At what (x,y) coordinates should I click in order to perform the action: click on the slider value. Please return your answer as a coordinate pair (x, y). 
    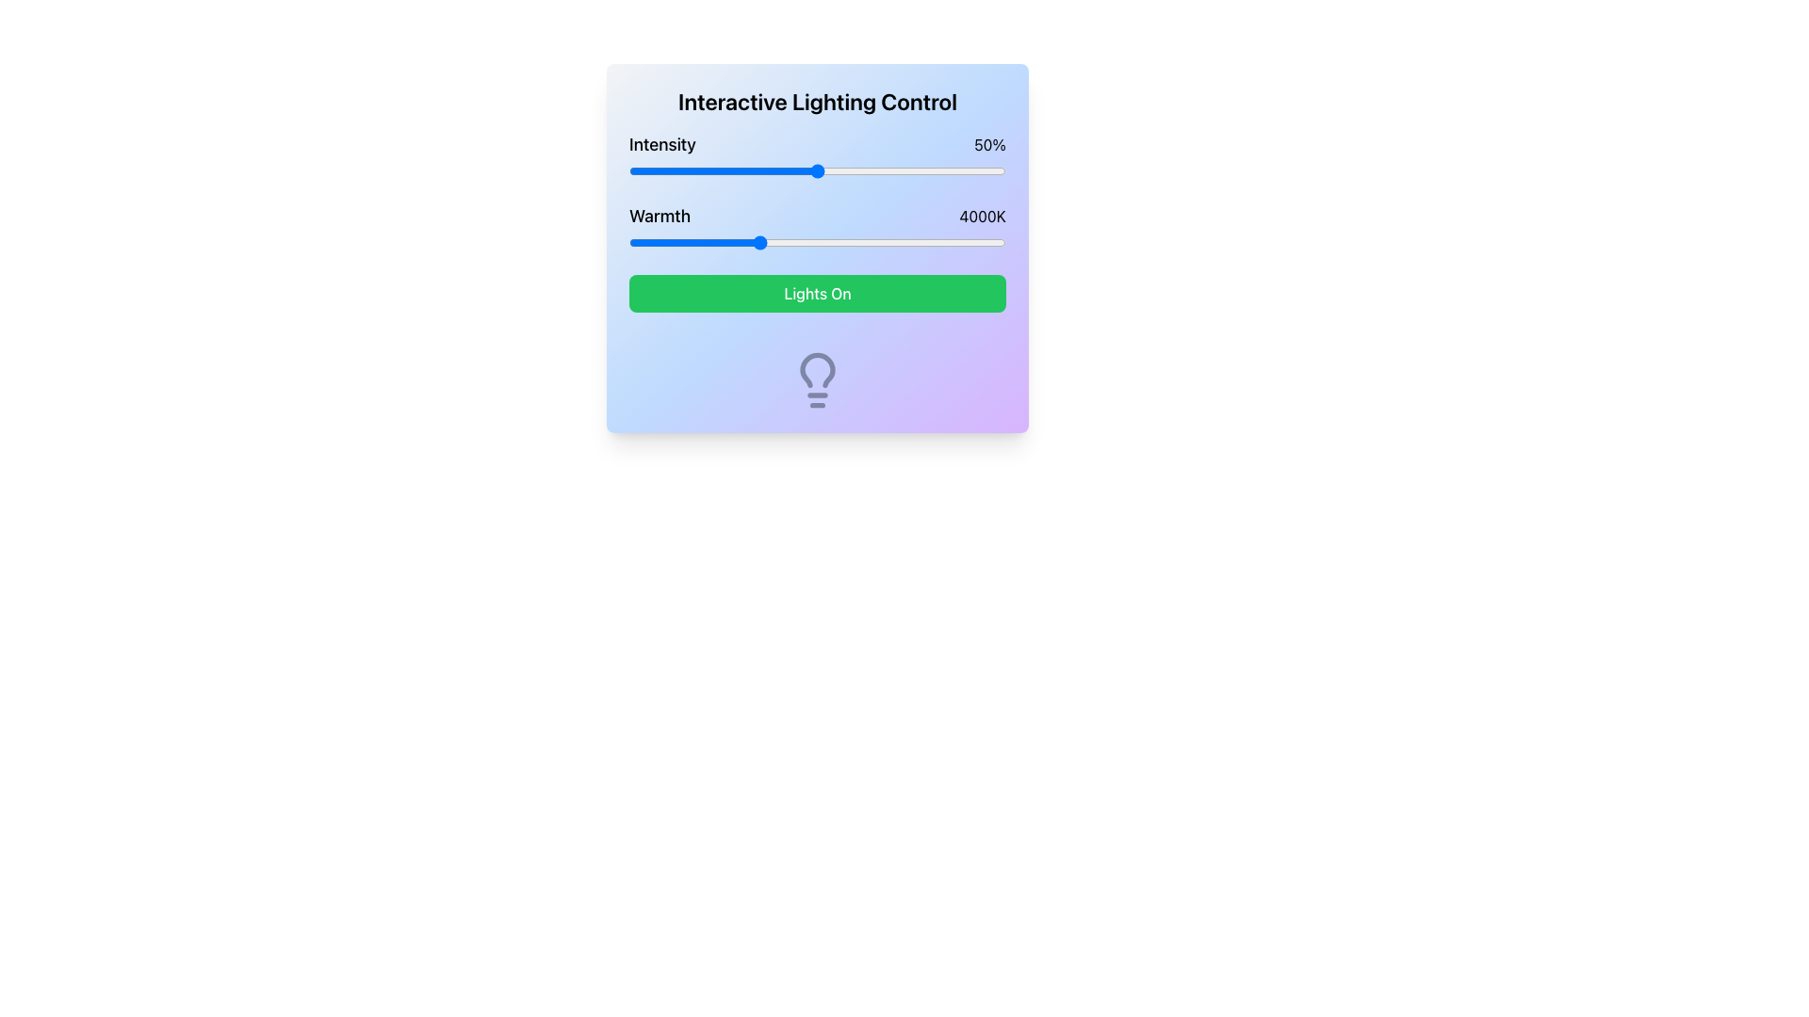
    Looking at the image, I should click on (922, 170).